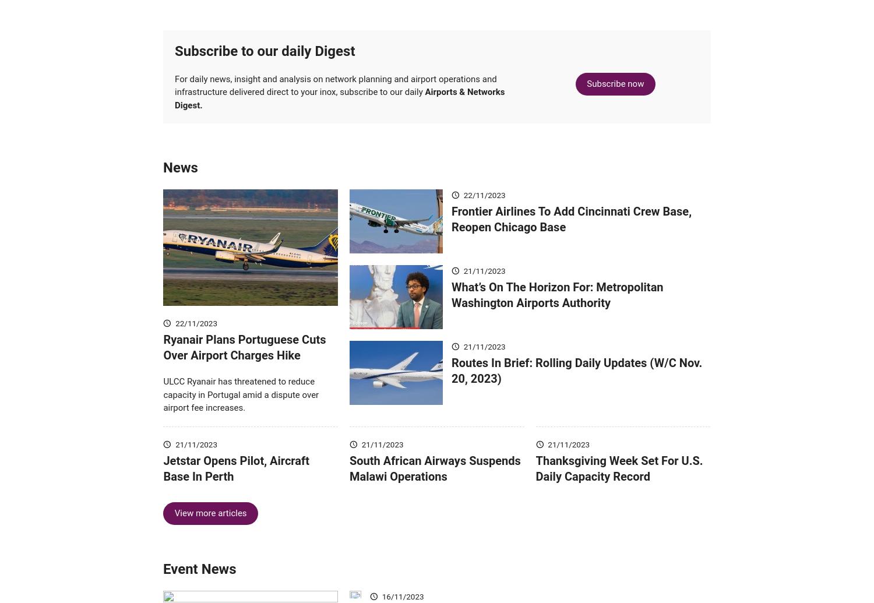 The image size is (874, 603). What do you see at coordinates (175, 103) in the screenshot?
I see `'For daily news, insight and analysis on network planning and airport operations and infrastructure delivered direct to your inox, subscribe to our daily'` at bounding box center [175, 103].